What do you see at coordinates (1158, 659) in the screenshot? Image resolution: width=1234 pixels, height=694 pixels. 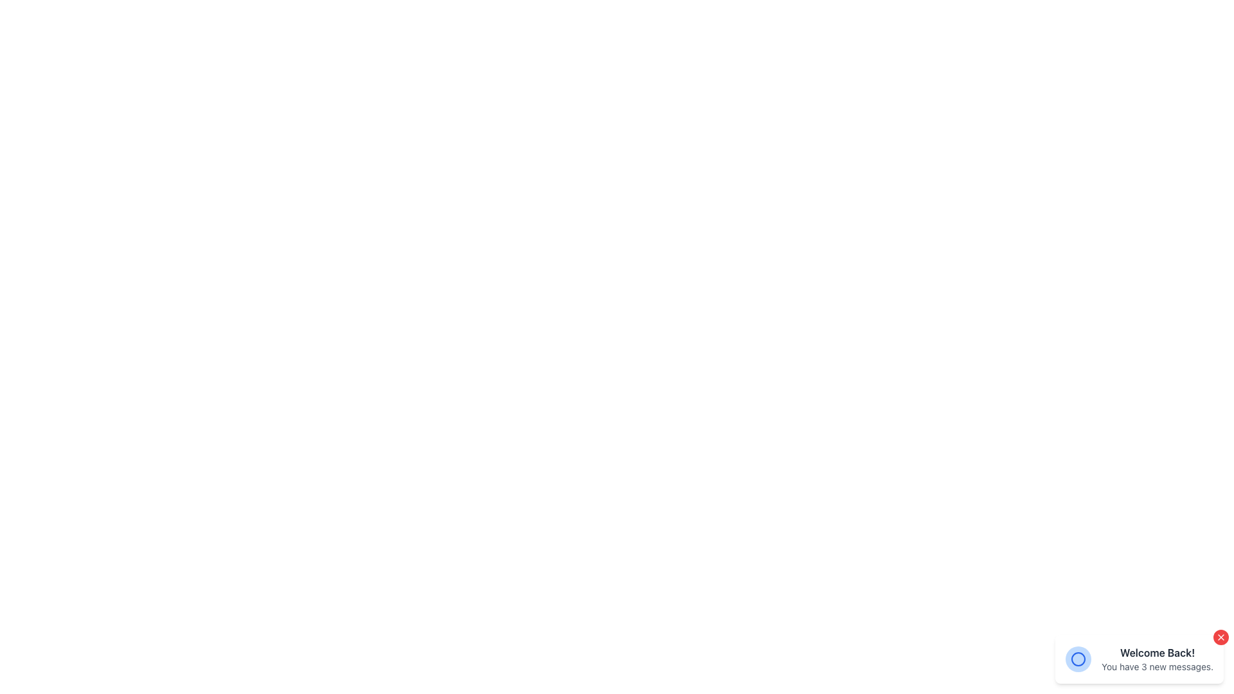 I see `the informational text block that displays a welcome message and the count of new messages, located in the bottom-right corner adjacent to a circular blue icon` at bounding box center [1158, 659].